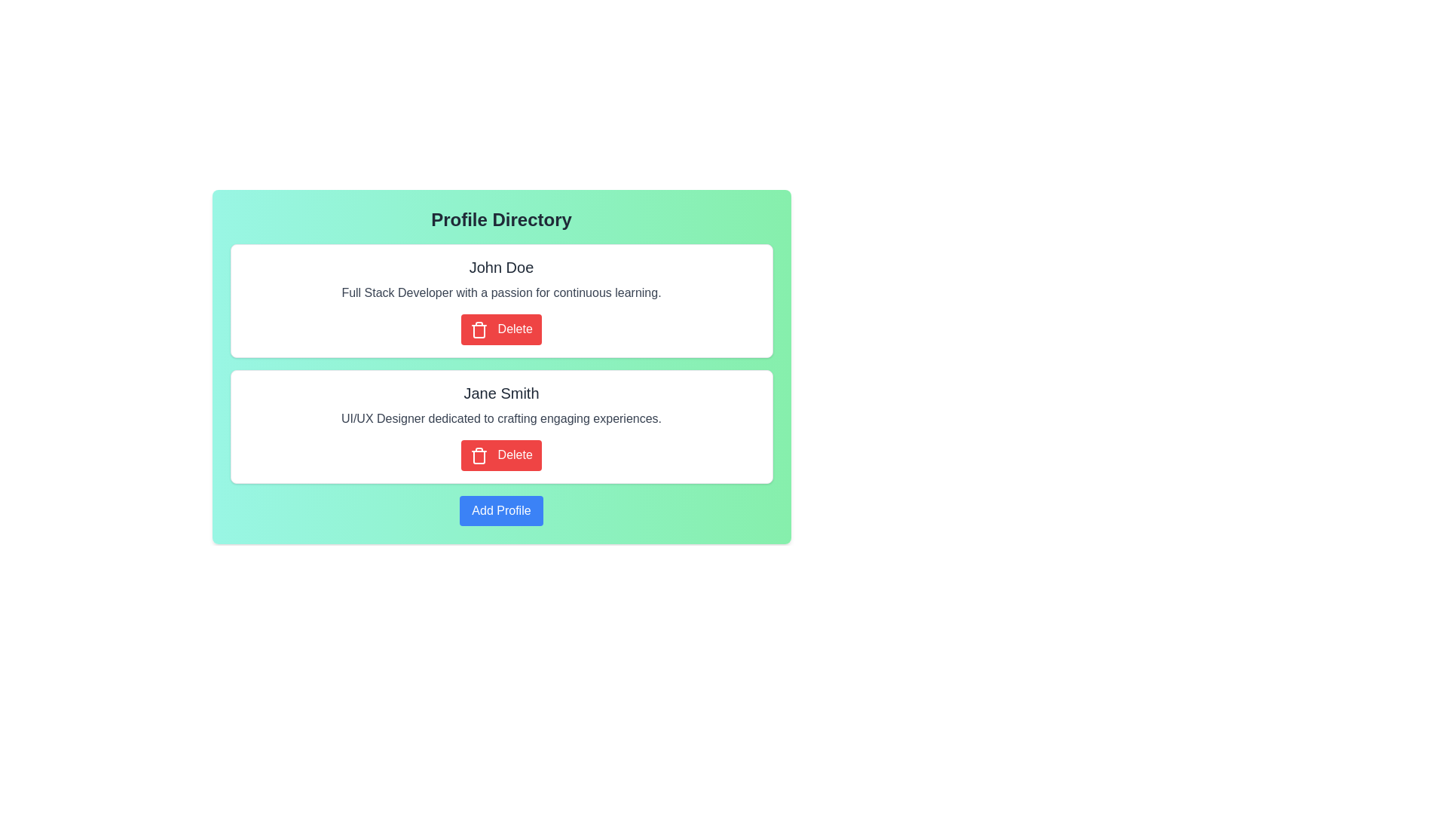  What do you see at coordinates (501, 454) in the screenshot?
I see `the rectangular red 'Delete' button with rounded corners, located below the text 'UI/UX Designer dedicated to crafting engaging experiences.' in the card for 'Jane Smith'` at bounding box center [501, 454].